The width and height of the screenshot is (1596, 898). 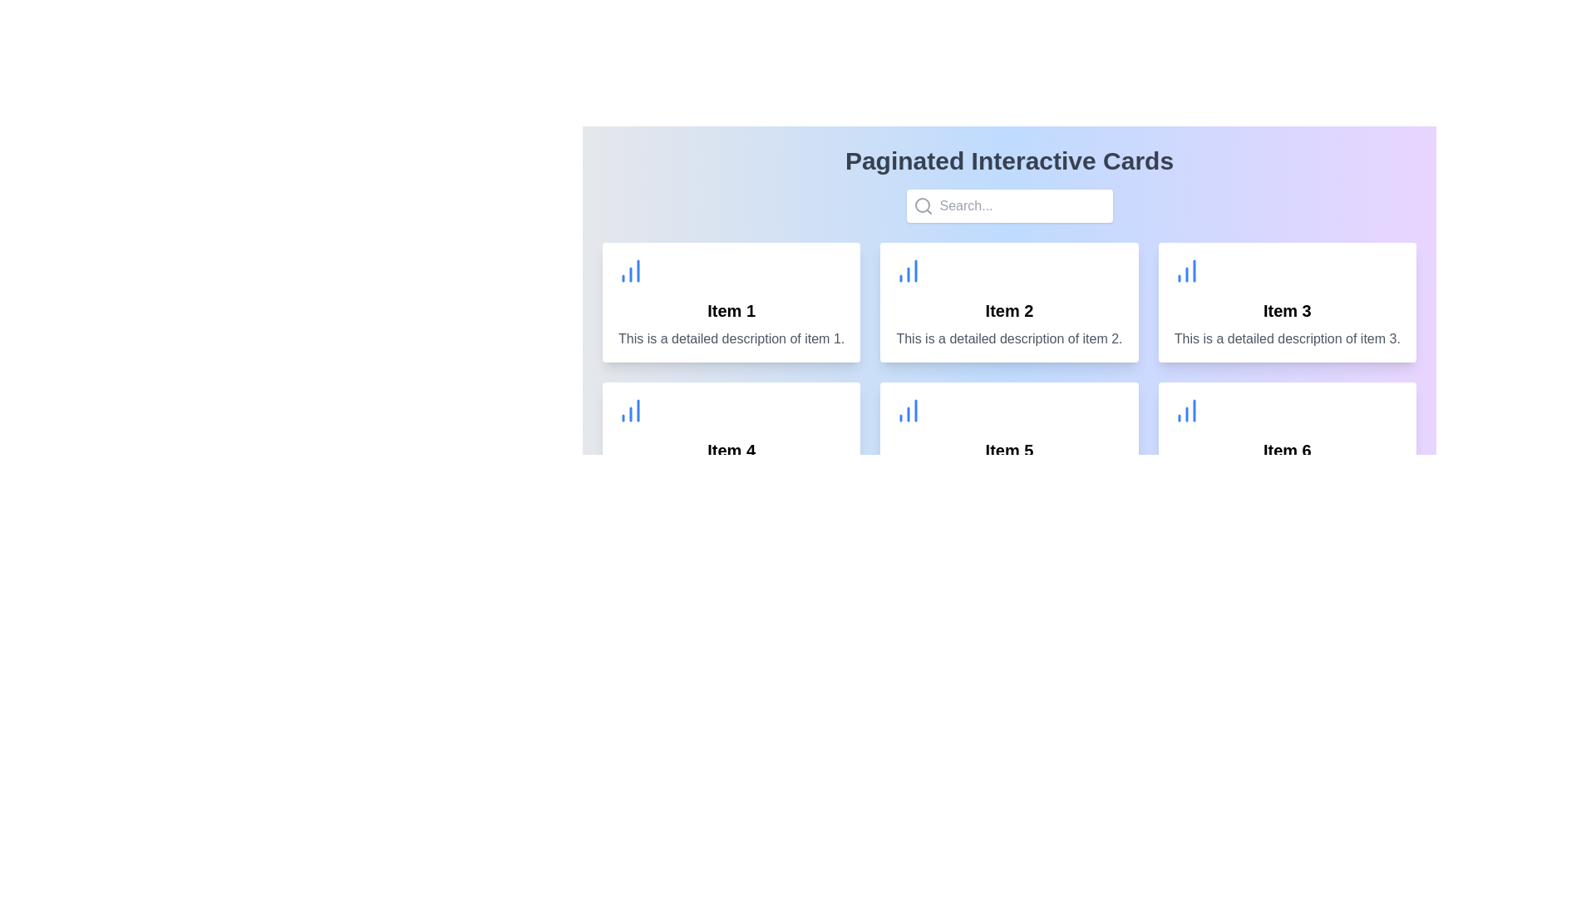 I want to click on text content of the title label located in the lower-right card of the grid layout, positioned below an icon and above descriptive text, so click(x=1286, y=451).